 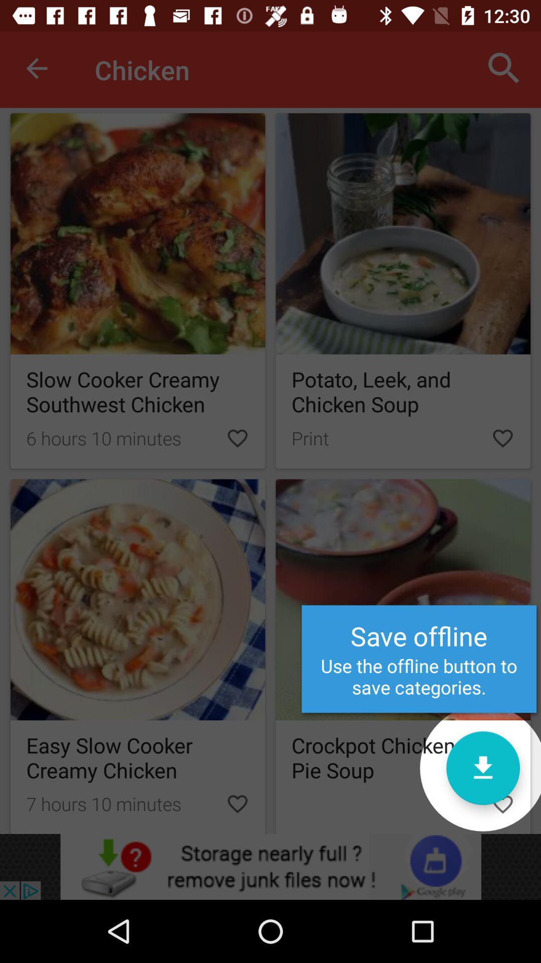 I want to click on save offline, so click(x=403, y=657).